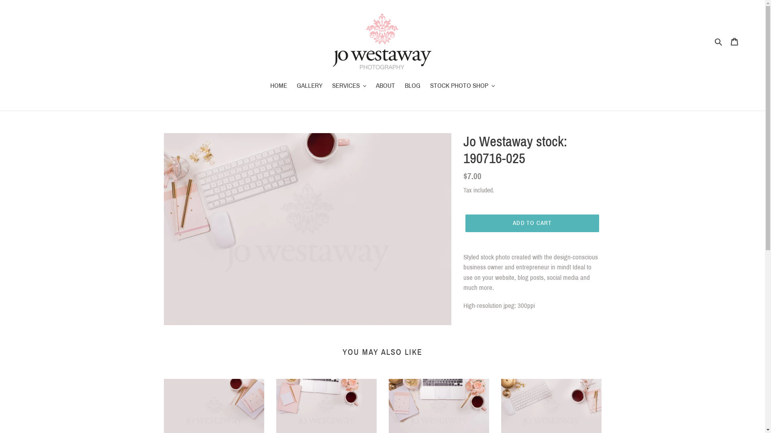 The width and height of the screenshot is (771, 433). Describe the element at coordinates (463, 86) in the screenshot. I see `'STOCK PHOTO SHOP'` at that location.